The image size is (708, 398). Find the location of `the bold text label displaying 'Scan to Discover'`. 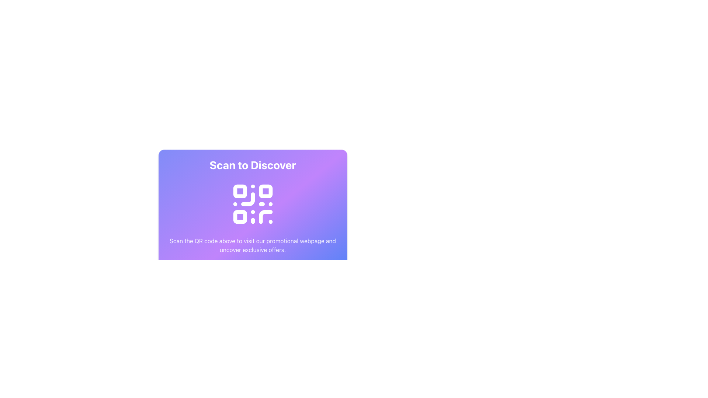

the bold text label displaying 'Scan to Discover' is located at coordinates (253, 164).